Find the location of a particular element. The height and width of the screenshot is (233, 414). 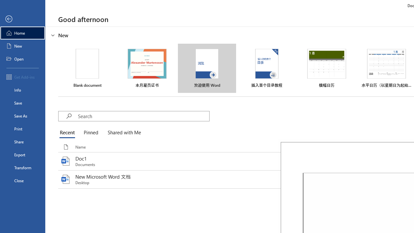

'Recent' is located at coordinates (69, 133).